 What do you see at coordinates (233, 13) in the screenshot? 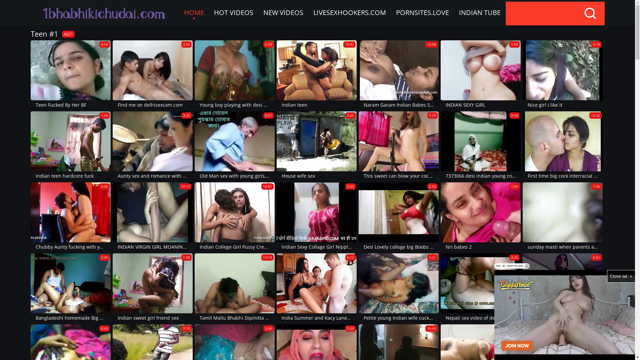
I see `'HOT VIDEOS'` at bounding box center [233, 13].